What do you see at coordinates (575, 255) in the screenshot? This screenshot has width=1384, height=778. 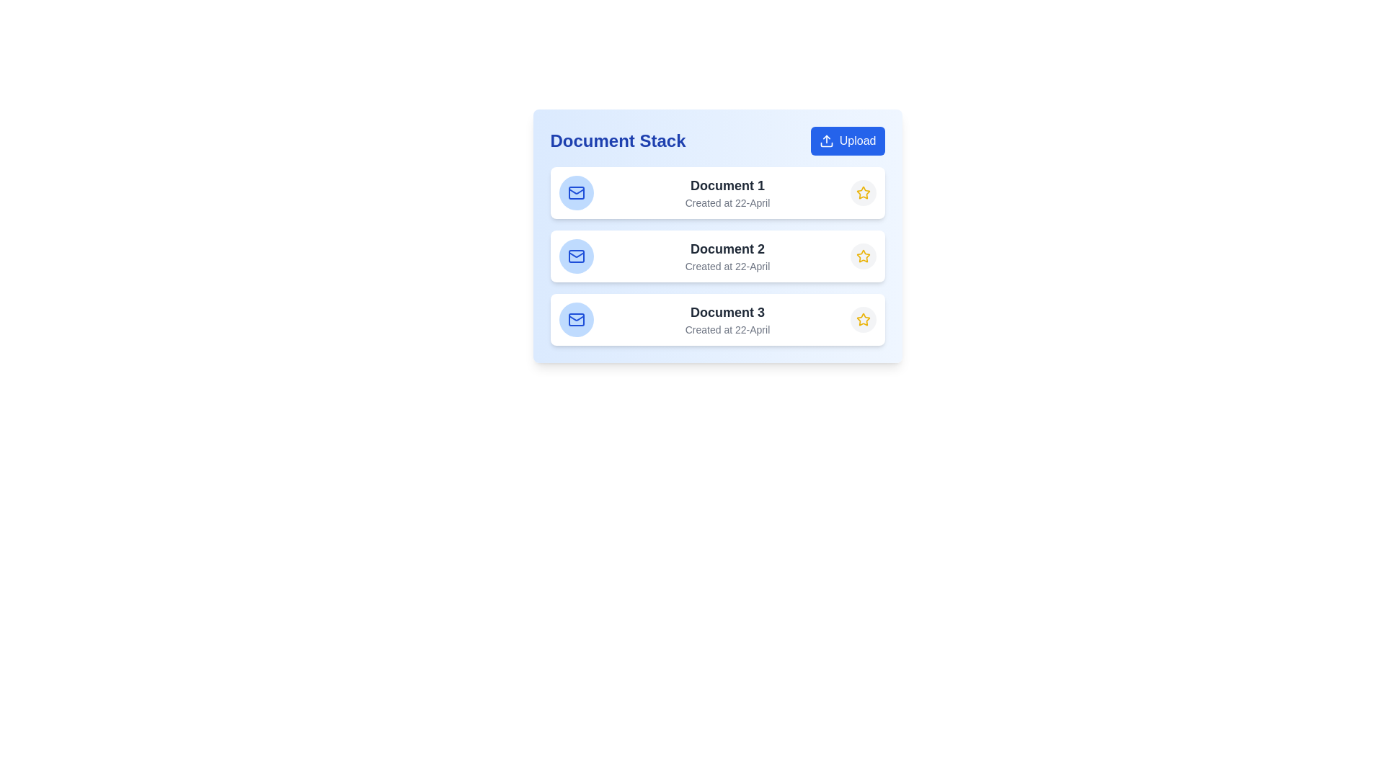 I see `the icon representing the document item labeled as 'Document 2', located in the second row of the list, to the left of the text 'Document 2'` at bounding box center [575, 255].